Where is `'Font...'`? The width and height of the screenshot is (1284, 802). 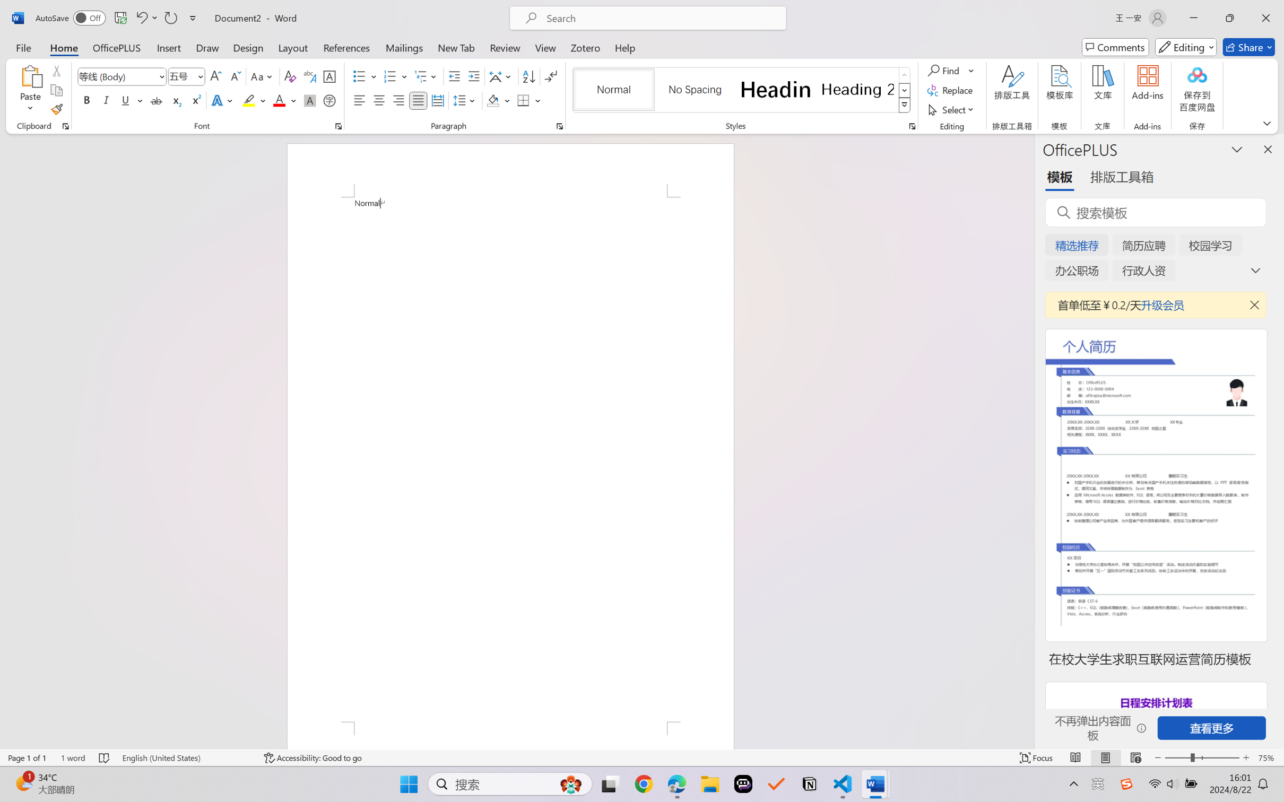
'Font...' is located at coordinates (338, 126).